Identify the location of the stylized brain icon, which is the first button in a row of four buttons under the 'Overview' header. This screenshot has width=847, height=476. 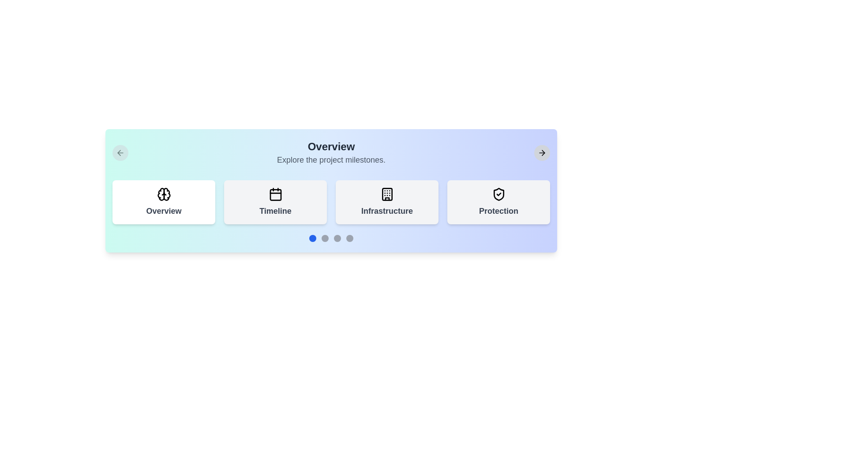
(164, 193).